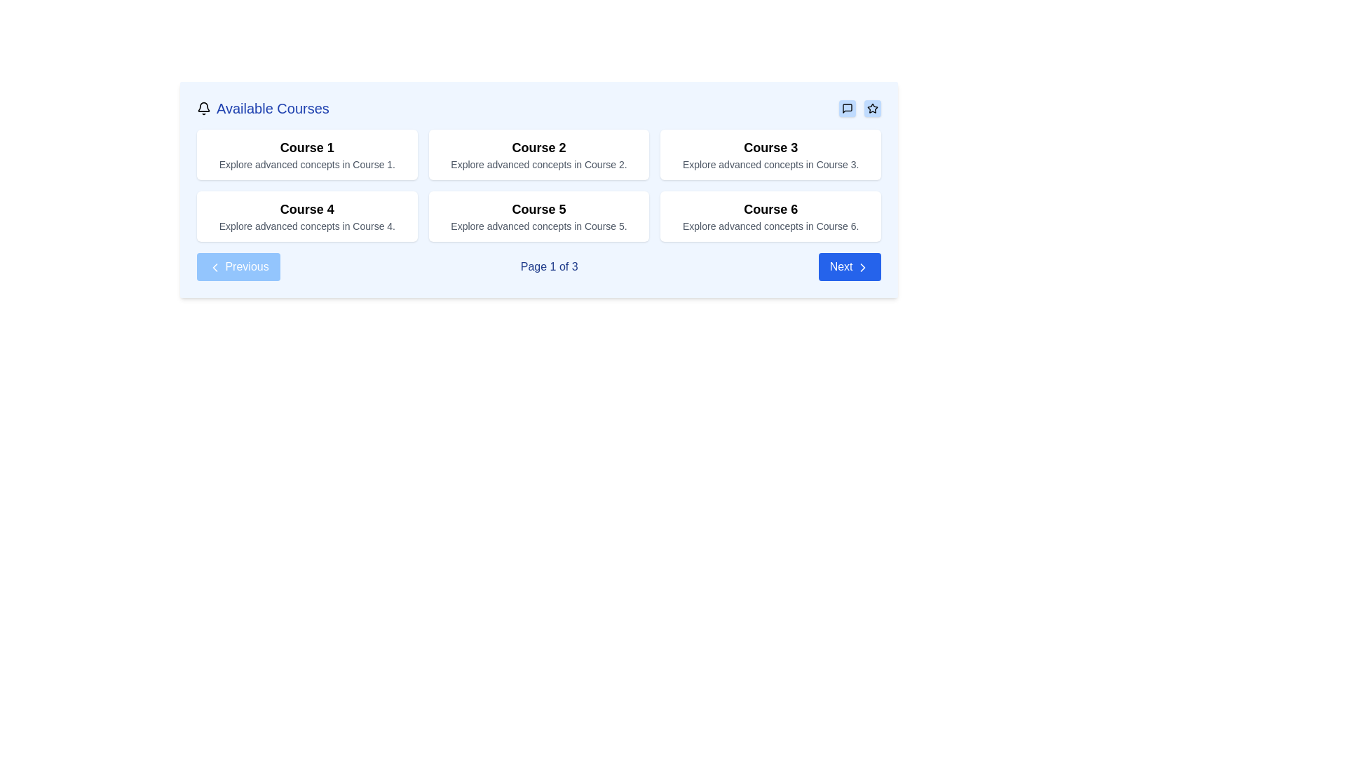 This screenshot has height=757, width=1346. What do you see at coordinates (538, 226) in the screenshot?
I see `descriptive text label located in the second row, second column of the grid layout, positioned below the title 'Course 5'` at bounding box center [538, 226].